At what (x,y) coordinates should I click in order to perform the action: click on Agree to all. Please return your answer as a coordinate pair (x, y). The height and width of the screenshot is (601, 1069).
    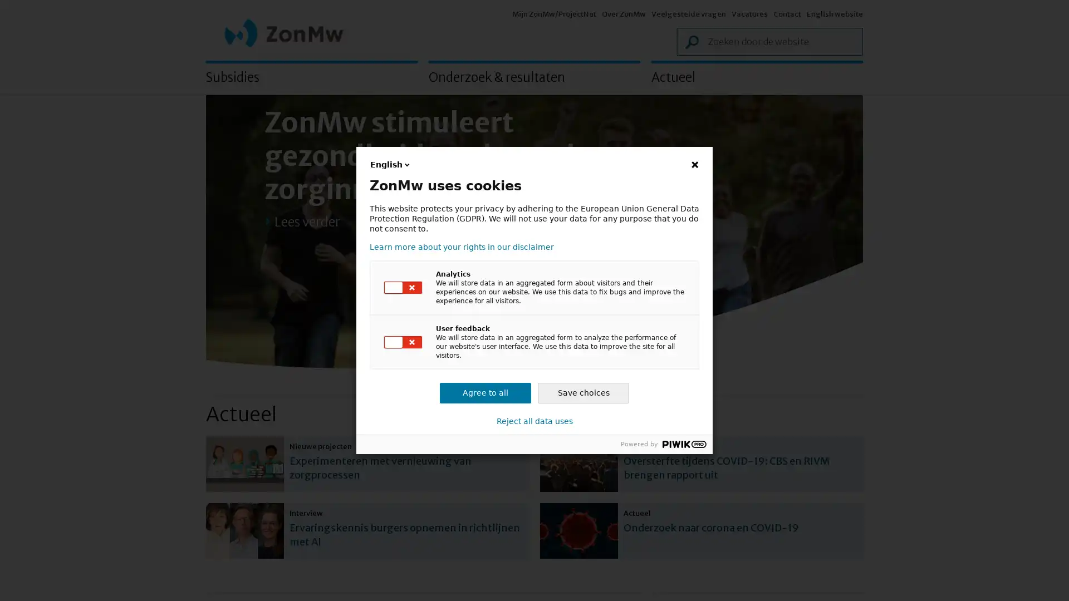
    Looking at the image, I should click on (486, 392).